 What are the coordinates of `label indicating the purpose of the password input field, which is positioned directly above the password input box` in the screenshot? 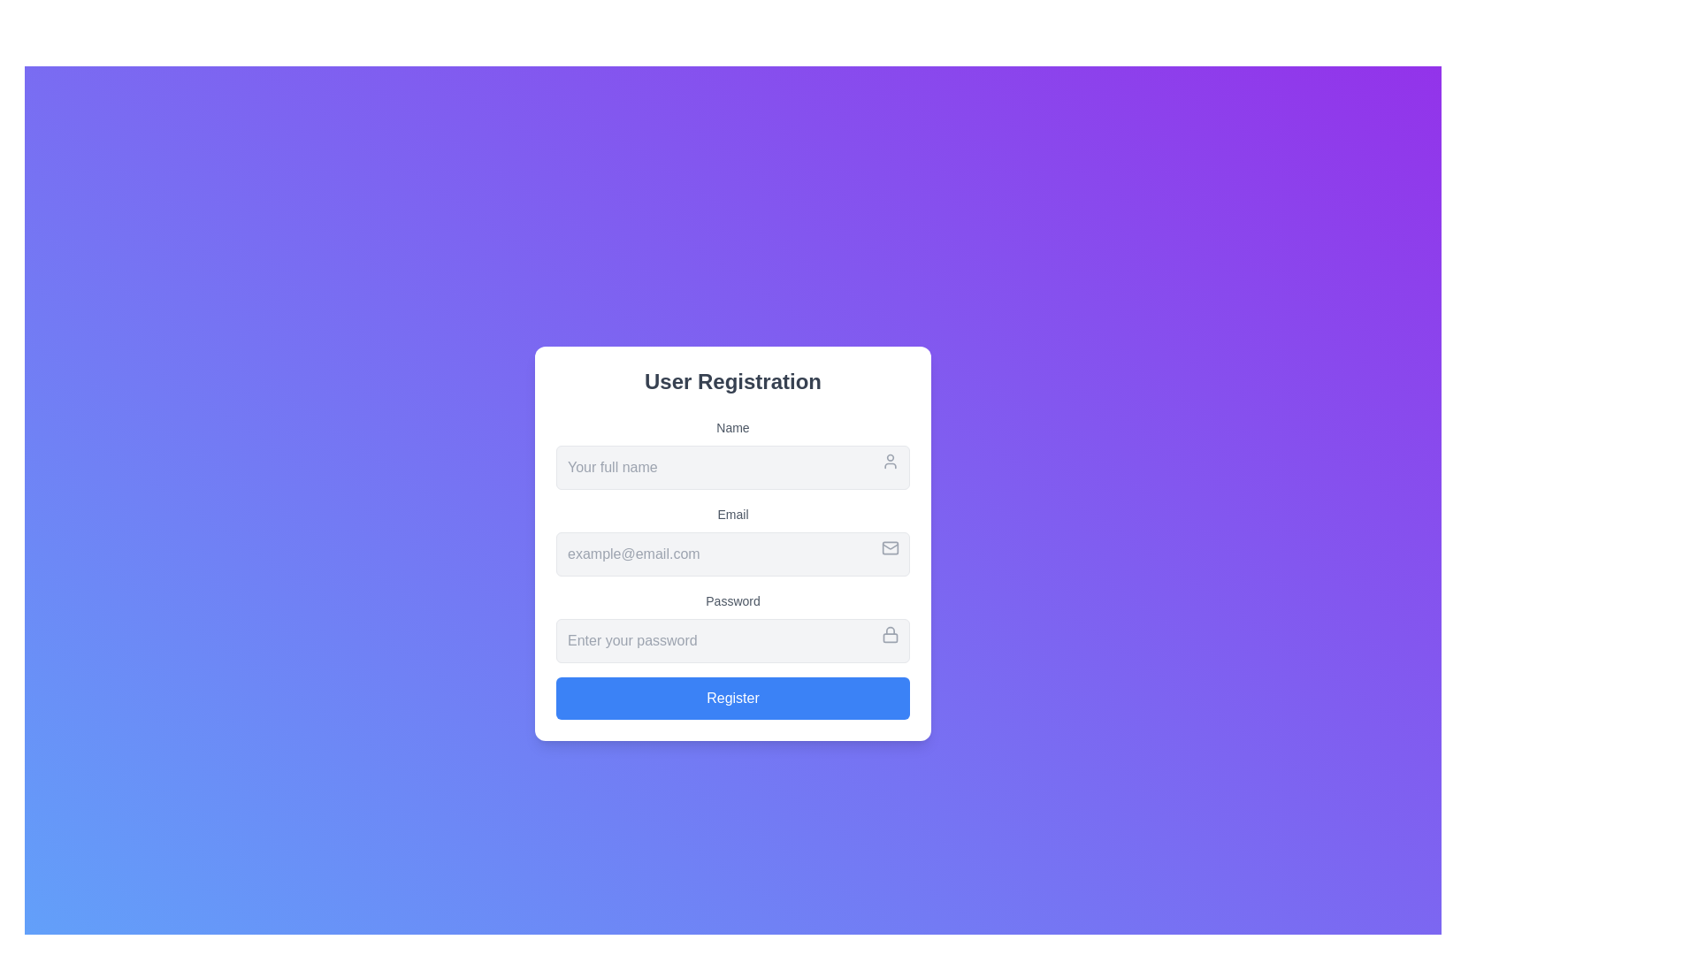 It's located at (733, 600).